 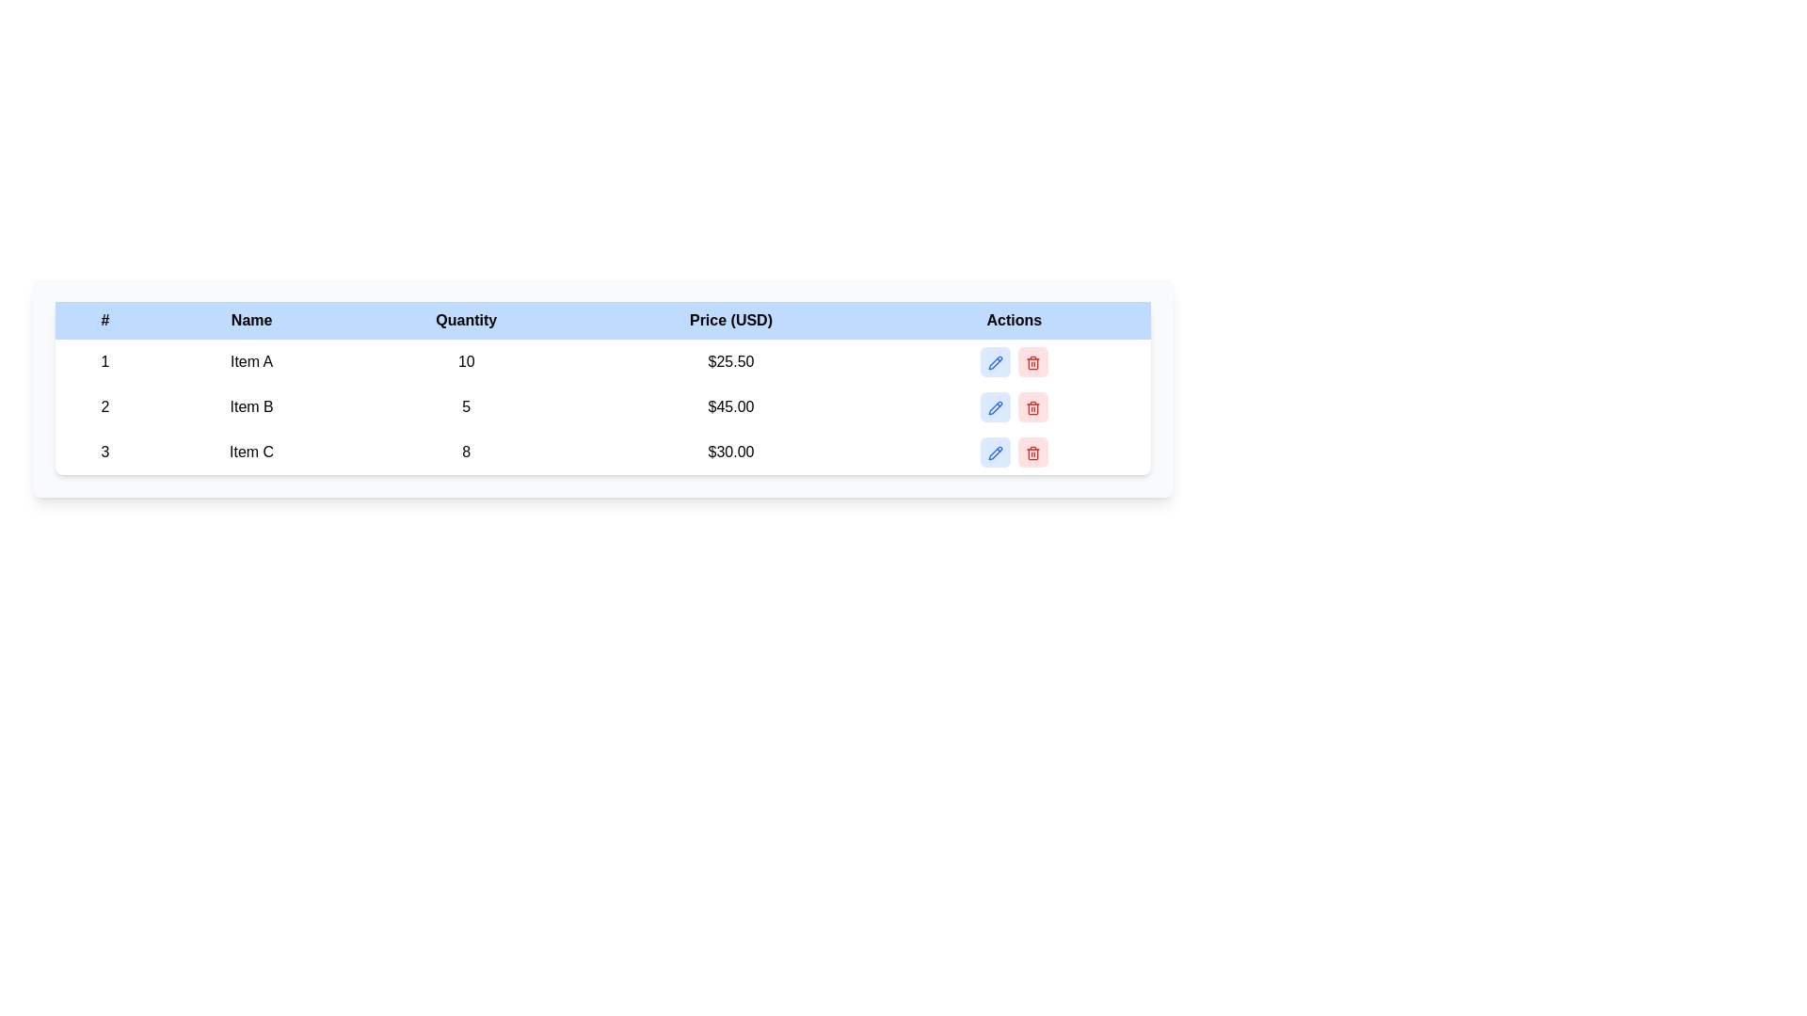 What do you see at coordinates (466, 362) in the screenshot?
I see `the text element displaying the number '10' in the 'Quantity' column of the first row of the table, positioned between the 'Name' and 'Price (USD)' columns` at bounding box center [466, 362].